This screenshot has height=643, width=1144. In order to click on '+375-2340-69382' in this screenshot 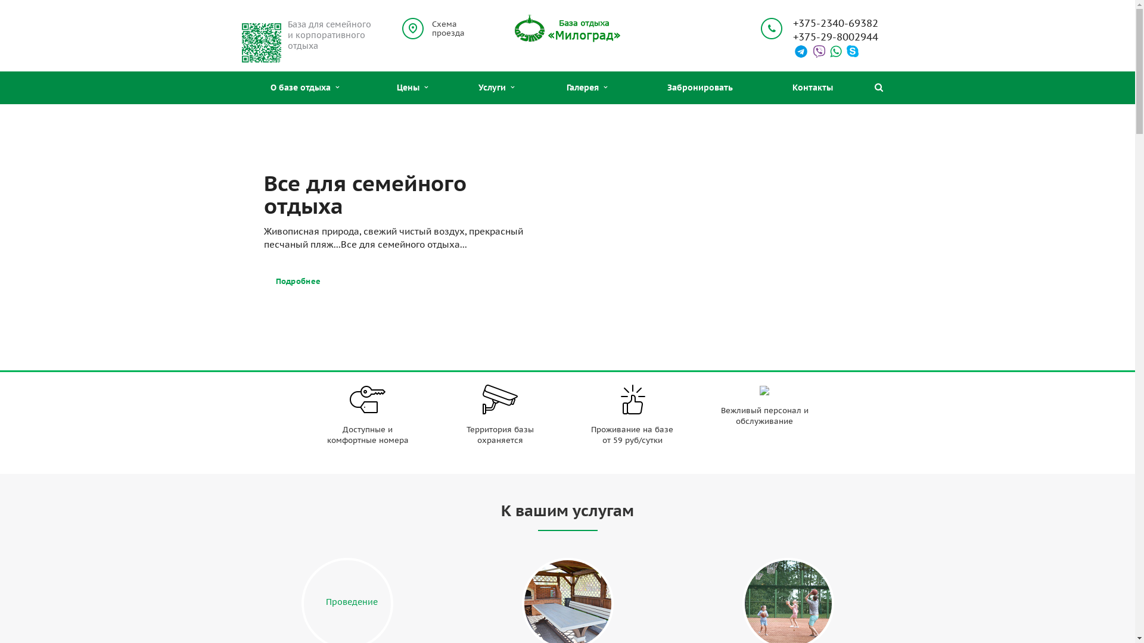, I will do `click(834, 23)`.